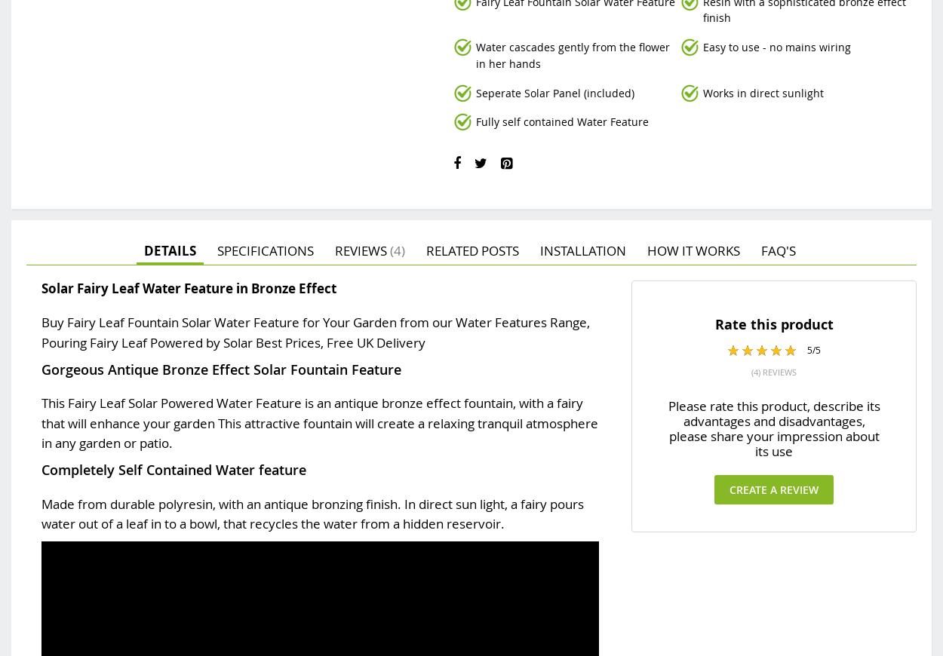 The height and width of the screenshot is (656, 943). I want to click on 'Create a review', so click(774, 489).